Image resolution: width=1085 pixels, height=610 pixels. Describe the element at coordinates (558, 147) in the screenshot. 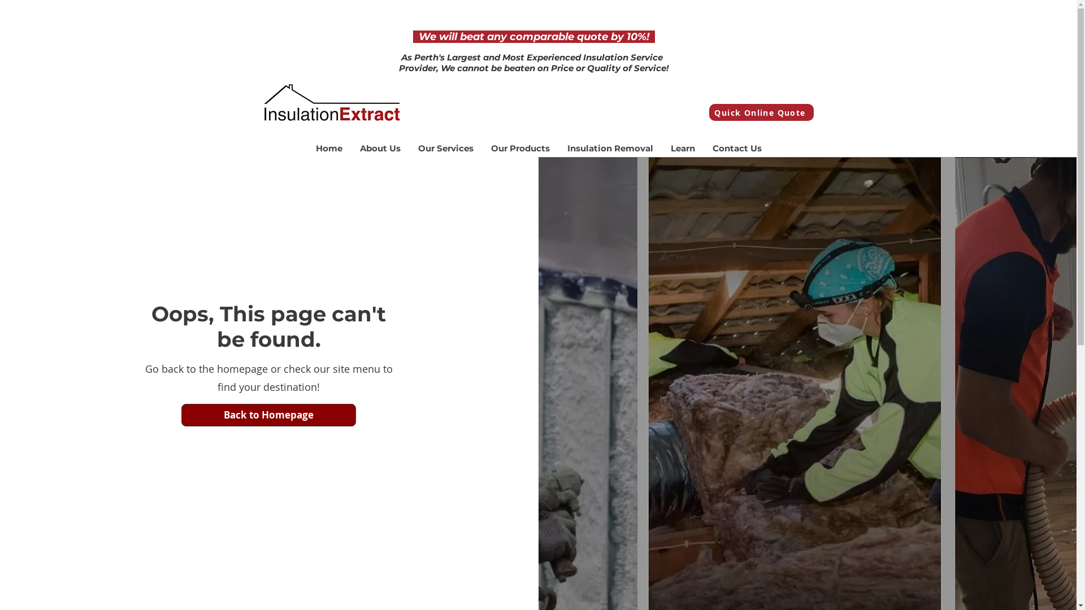

I see `'Insulation Removal'` at that location.